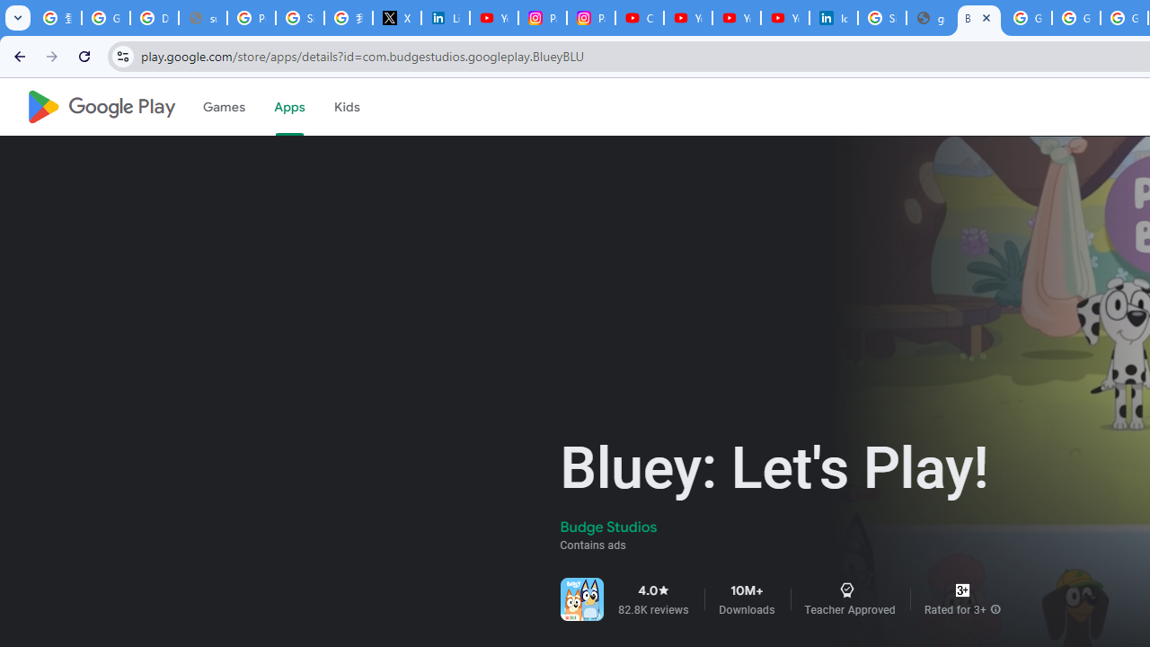 This screenshot has width=1150, height=647. Describe the element at coordinates (977, 18) in the screenshot. I see `'Bluey: Let'` at that location.